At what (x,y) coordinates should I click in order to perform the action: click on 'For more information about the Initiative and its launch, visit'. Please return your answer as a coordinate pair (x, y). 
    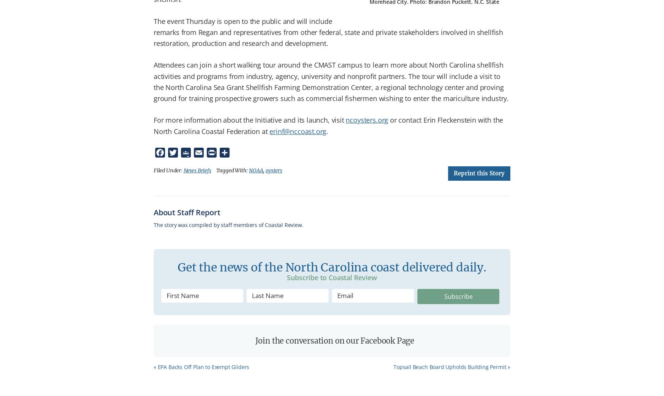
    Looking at the image, I should click on (249, 120).